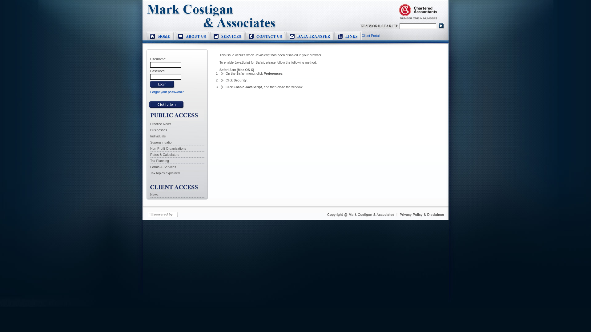 The height and width of the screenshot is (332, 591). Describe the element at coordinates (370, 35) in the screenshot. I see `'Client Portal'` at that location.